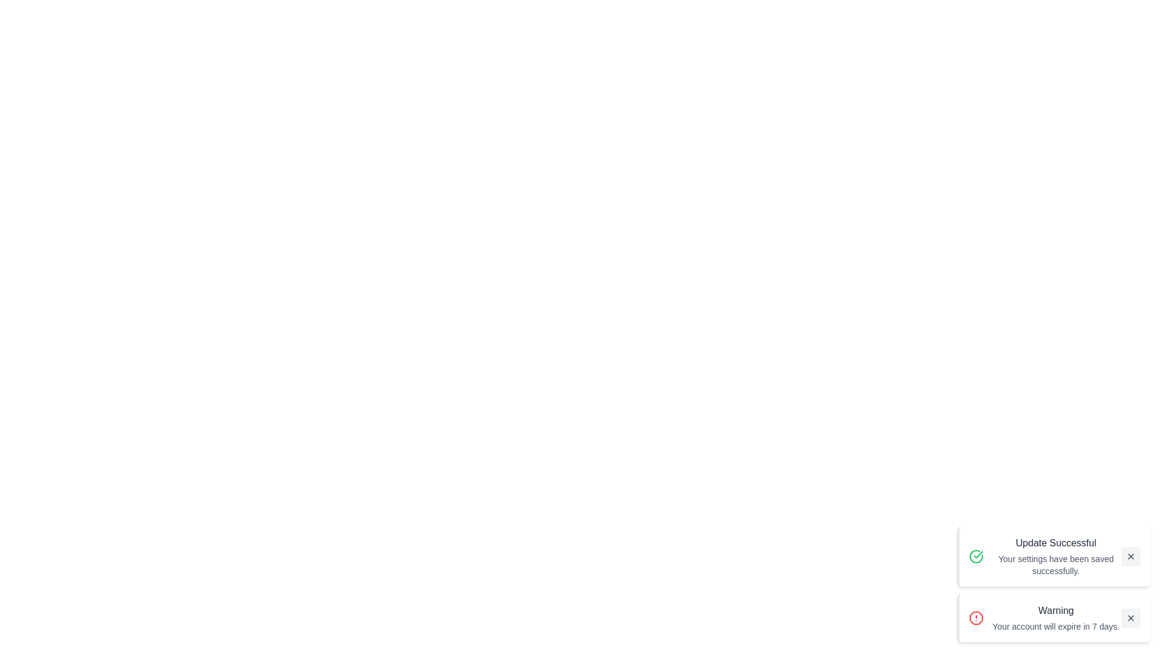 Image resolution: width=1160 pixels, height=652 pixels. What do you see at coordinates (976, 556) in the screenshot?
I see `the notification icon corresponding to Update Successful` at bounding box center [976, 556].